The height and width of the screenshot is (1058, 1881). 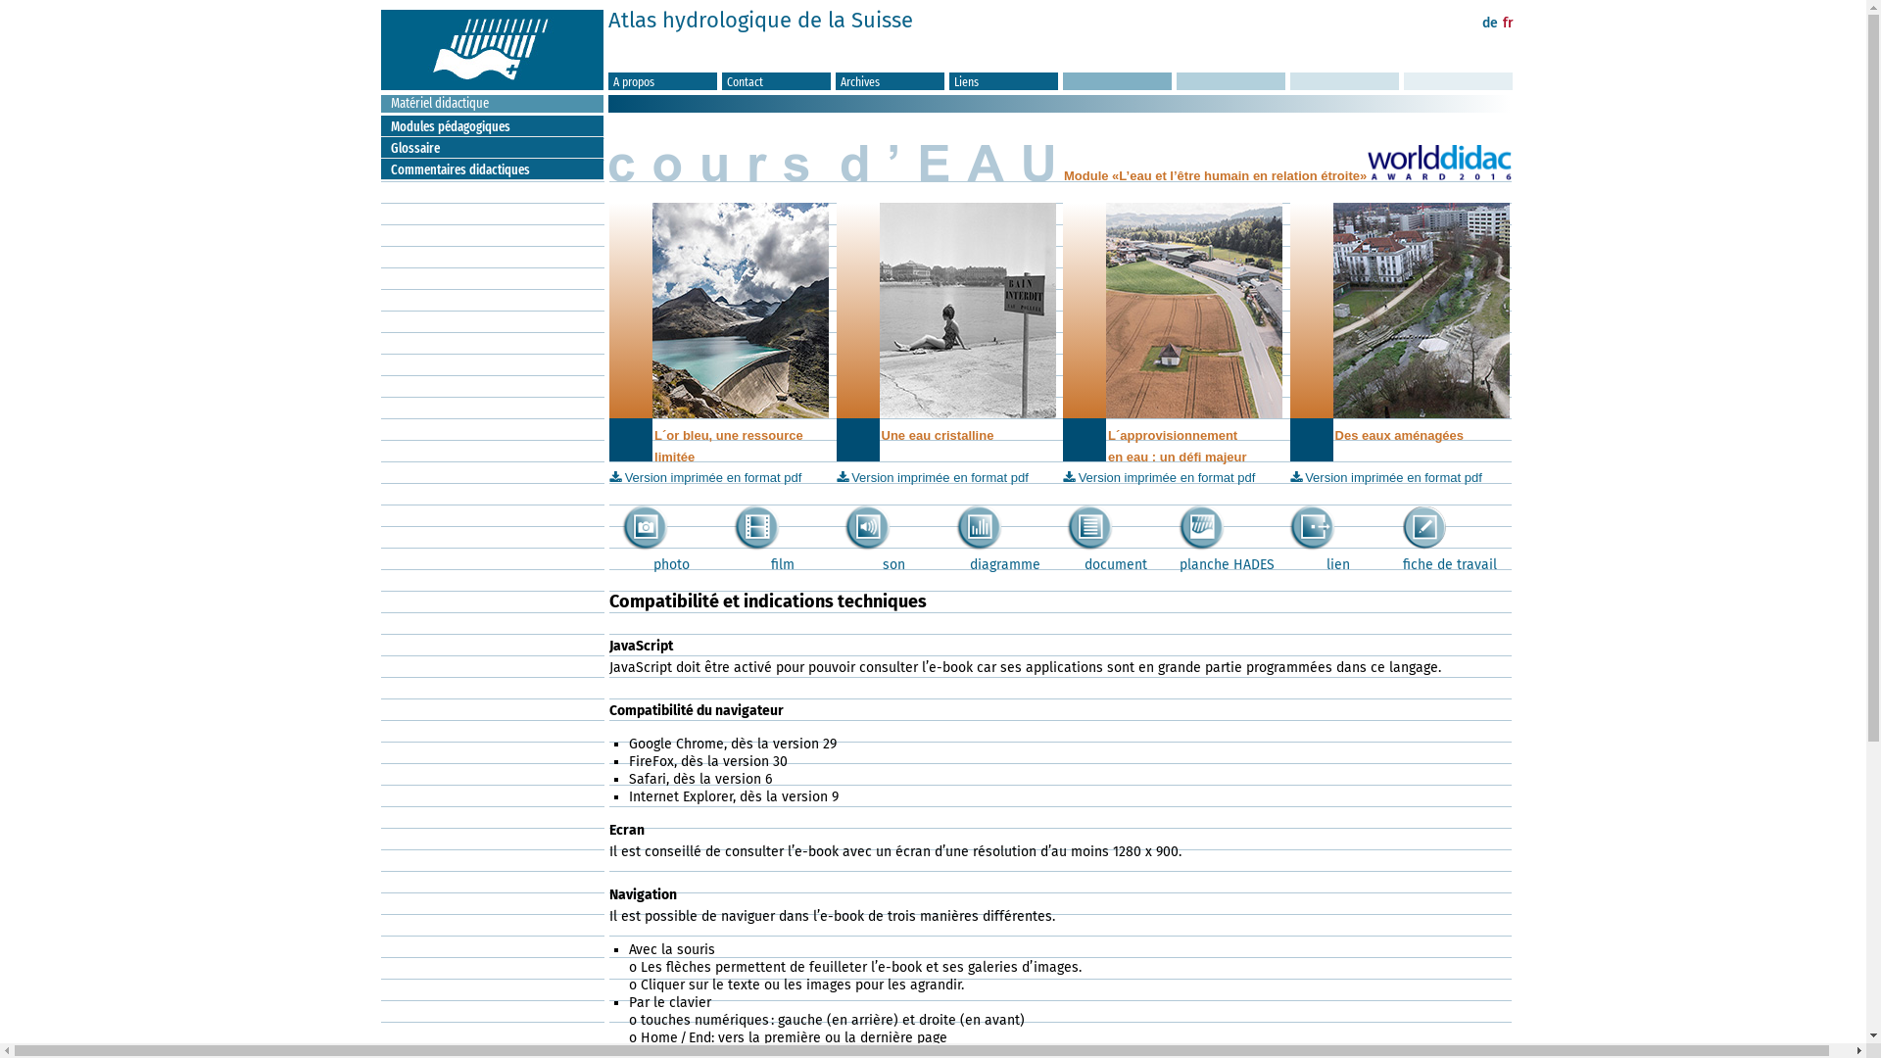 I want to click on 'bouton son', so click(x=844, y=526).